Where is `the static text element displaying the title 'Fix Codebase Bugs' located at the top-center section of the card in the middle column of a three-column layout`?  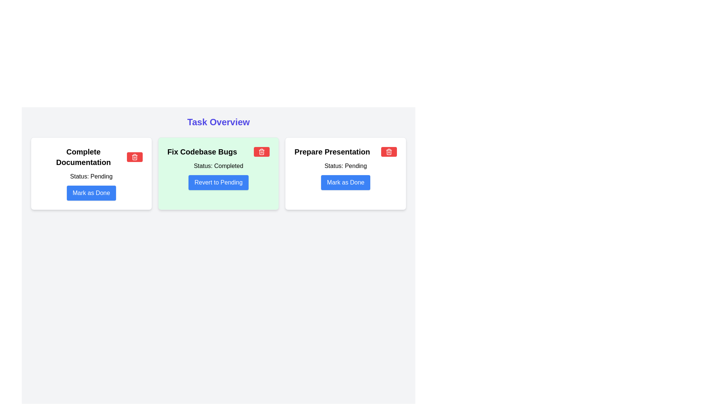 the static text element displaying the title 'Fix Codebase Bugs' located at the top-center section of the card in the middle column of a three-column layout is located at coordinates (218, 152).